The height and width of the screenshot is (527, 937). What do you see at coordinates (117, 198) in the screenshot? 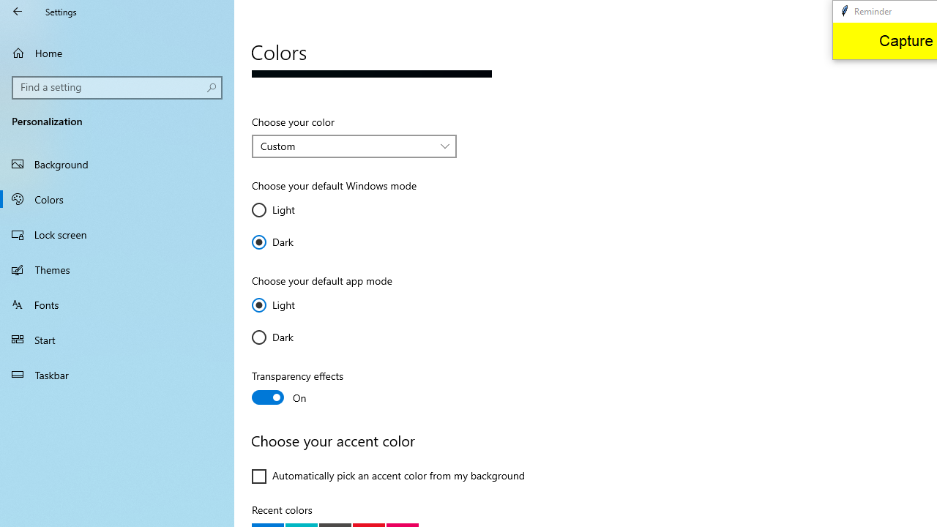
I see `'Colors'` at bounding box center [117, 198].